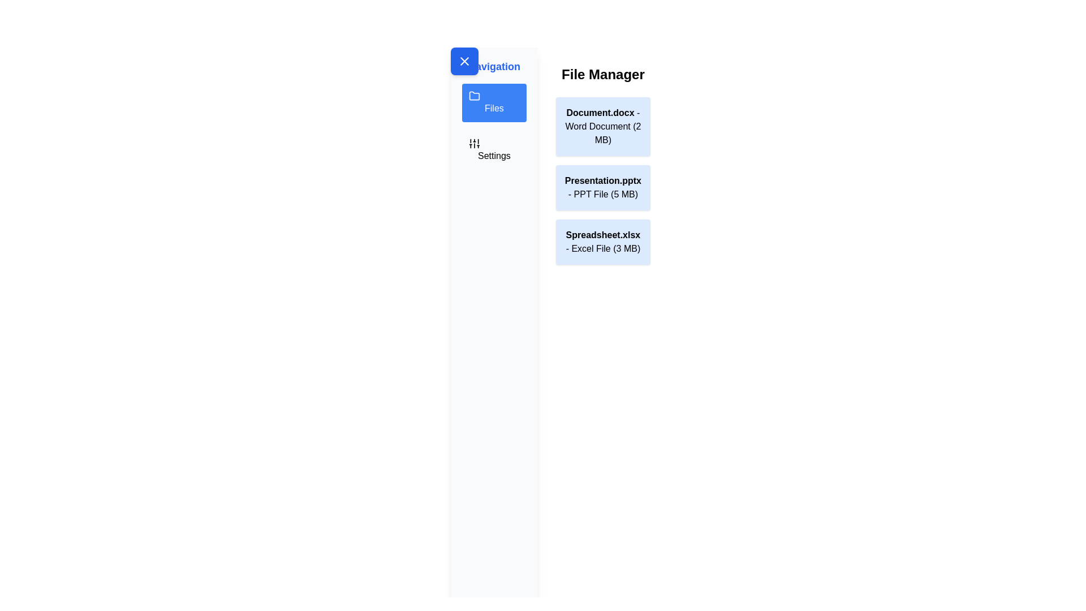  Describe the element at coordinates (602, 126) in the screenshot. I see `the file entry labeled 'Document.docx - Word Document (2 MB)' which is the first item in a vertical list of file entries, distinguished by a light blue background and rounded corners` at that location.